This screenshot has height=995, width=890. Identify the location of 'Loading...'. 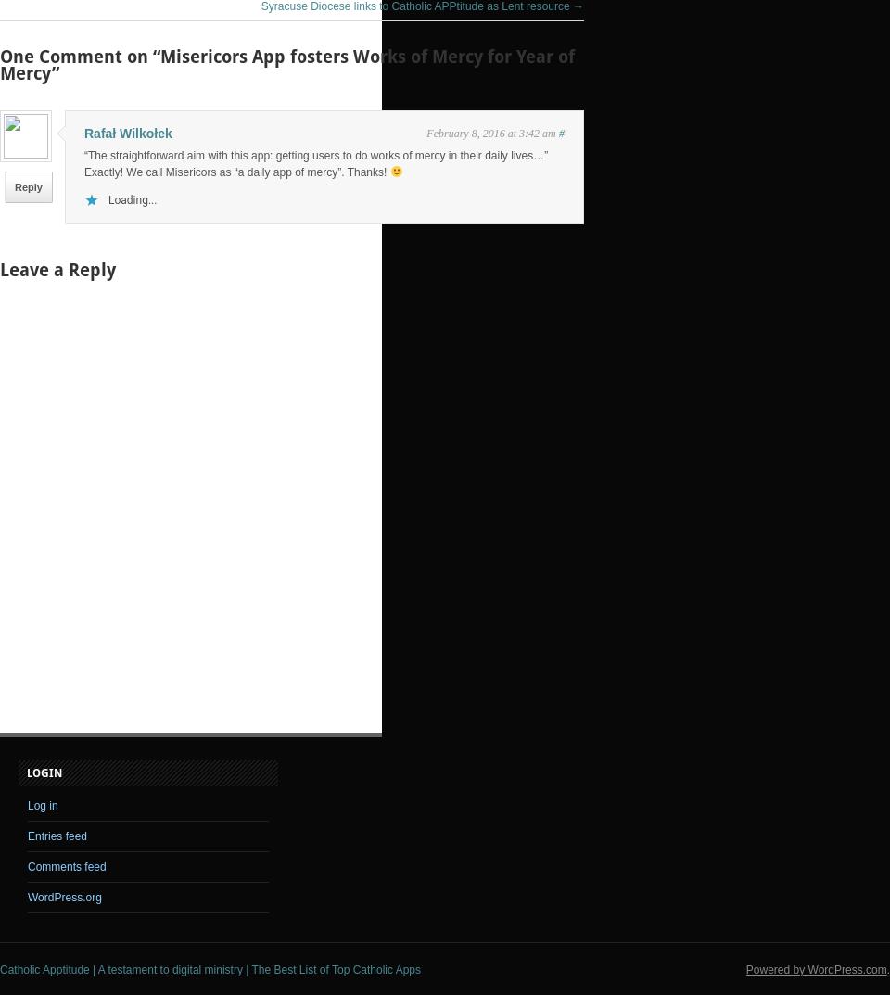
(132, 199).